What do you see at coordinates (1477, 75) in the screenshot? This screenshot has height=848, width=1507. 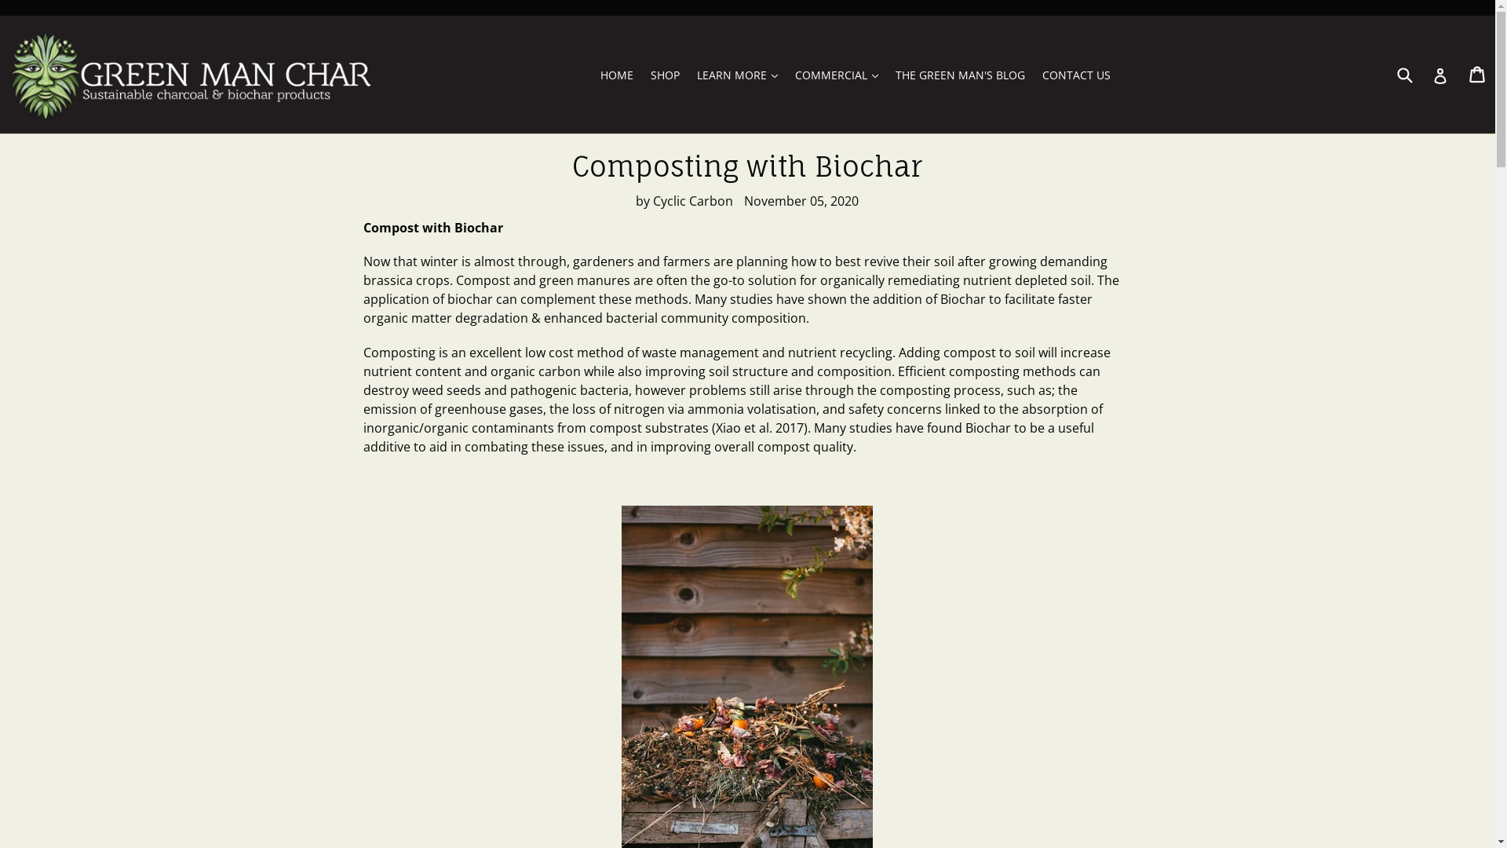 I see `'Cart` at bounding box center [1477, 75].